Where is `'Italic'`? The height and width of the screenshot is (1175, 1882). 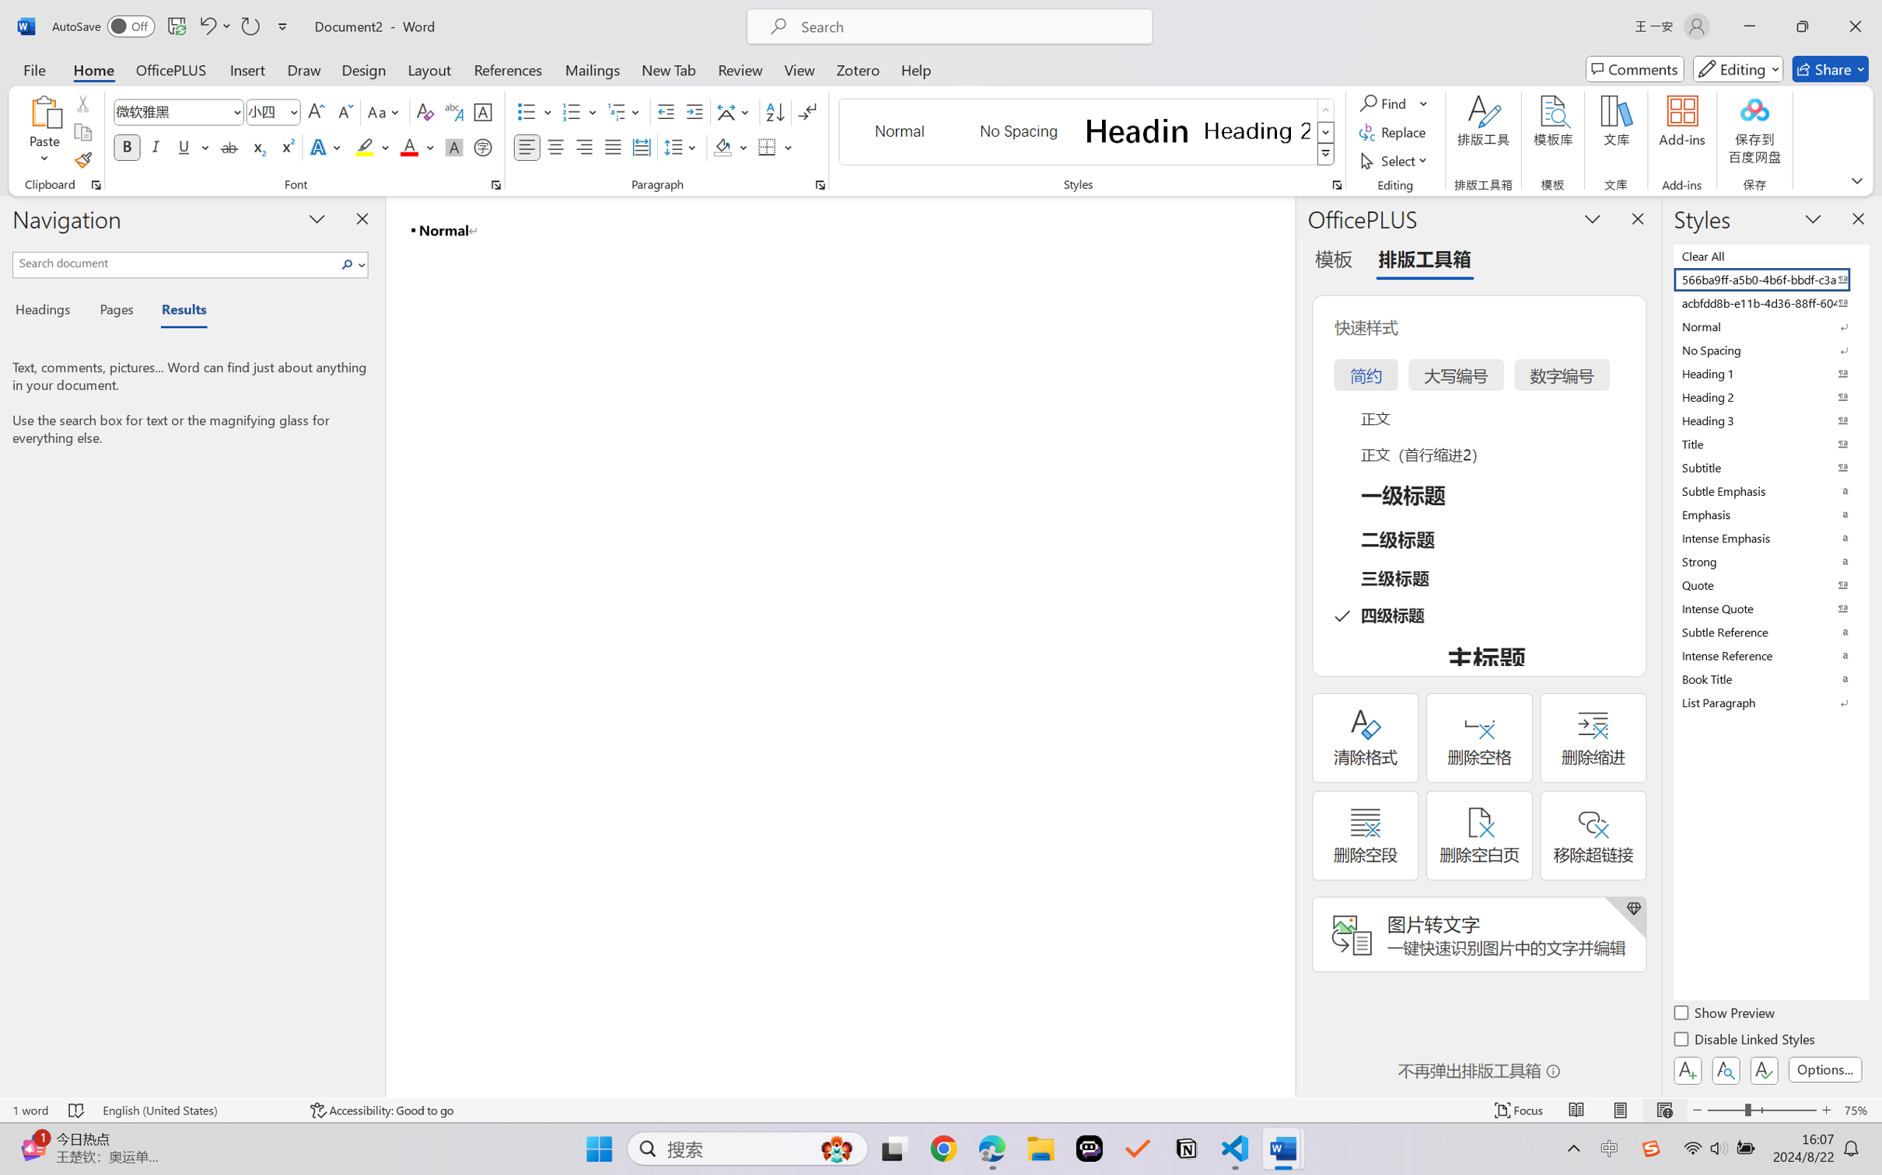 'Italic' is located at coordinates (155, 146).